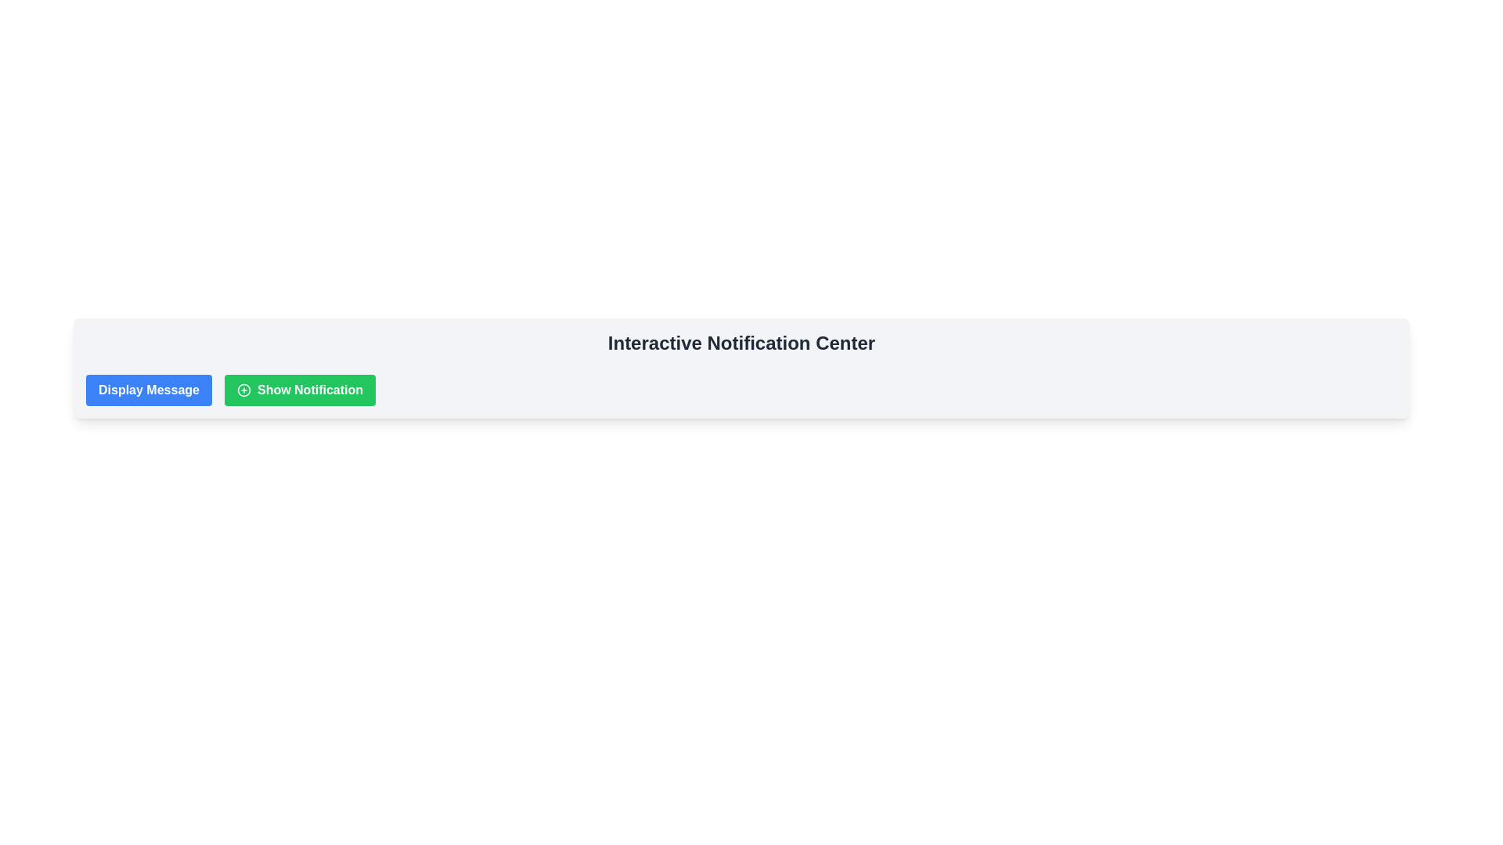 The width and height of the screenshot is (1503, 845). I want to click on the circular icon with a plus sign, which is located to the left of the 'Show Notification' text within the green button labeled 'Show Notification', so click(243, 389).